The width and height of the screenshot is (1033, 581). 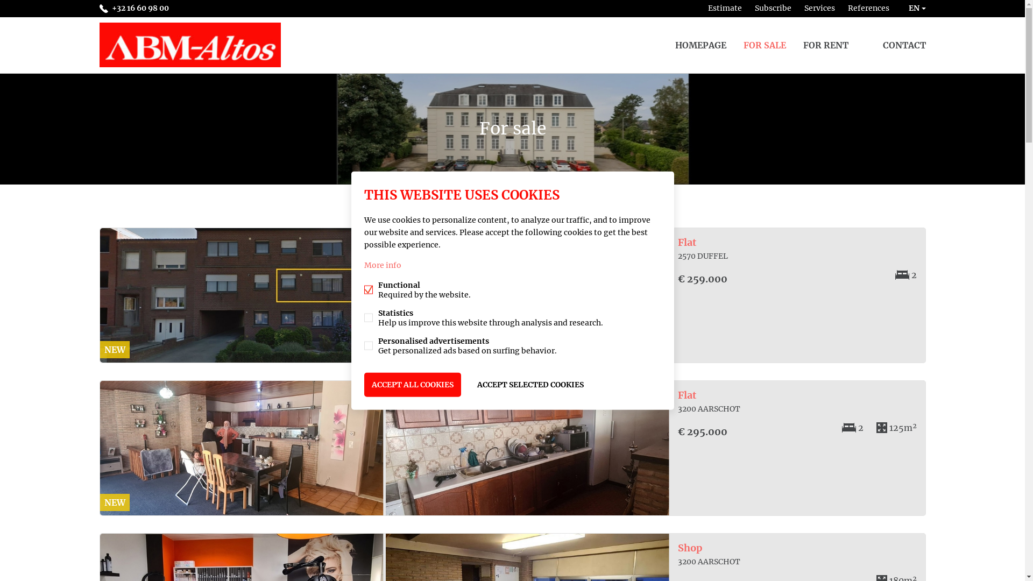 What do you see at coordinates (700, 45) in the screenshot?
I see `'HOMEPAGE'` at bounding box center [700, 45].